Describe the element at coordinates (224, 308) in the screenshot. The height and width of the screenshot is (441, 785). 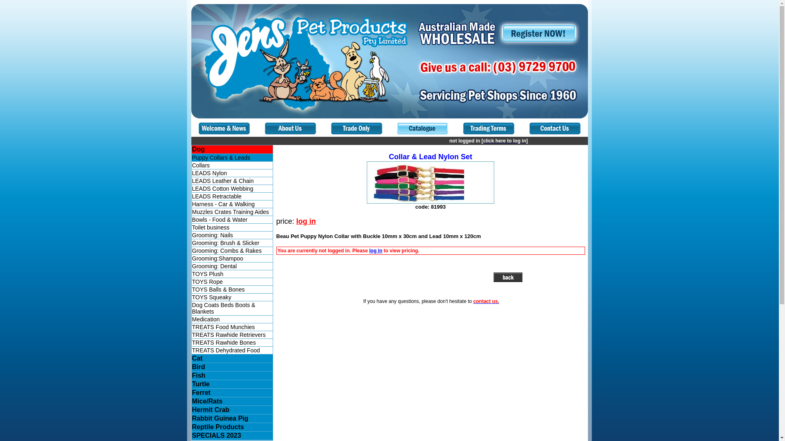
I see `'Dog Coats Beds Boots & Blankets'` at that location.